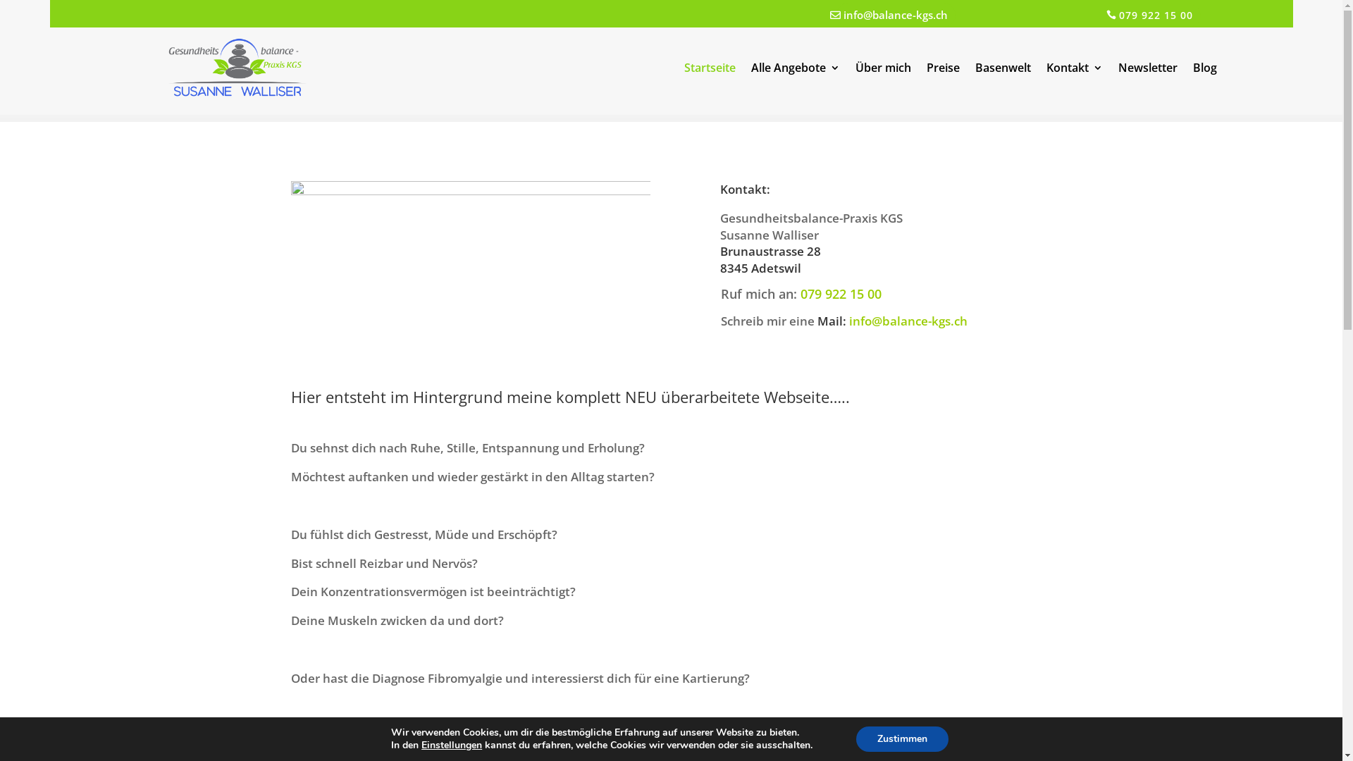 The height and width of the screenshot is (761, 1353). I want to click on 'Basenwelt', so click(1002, 70).